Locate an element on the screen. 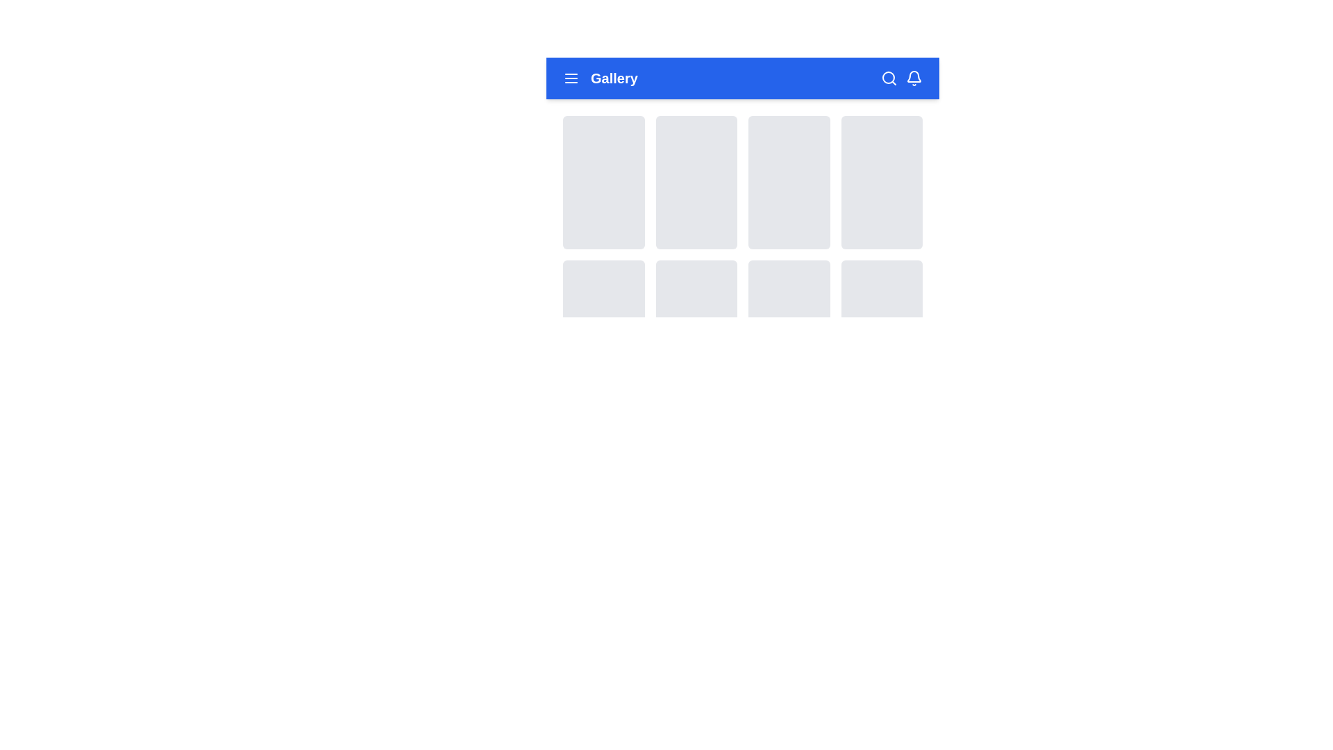  the Card Component element, which is a light-gray rectangular area with rounded corners located in the third column of the second row of a grid layout is located at coordinates (789, 326).